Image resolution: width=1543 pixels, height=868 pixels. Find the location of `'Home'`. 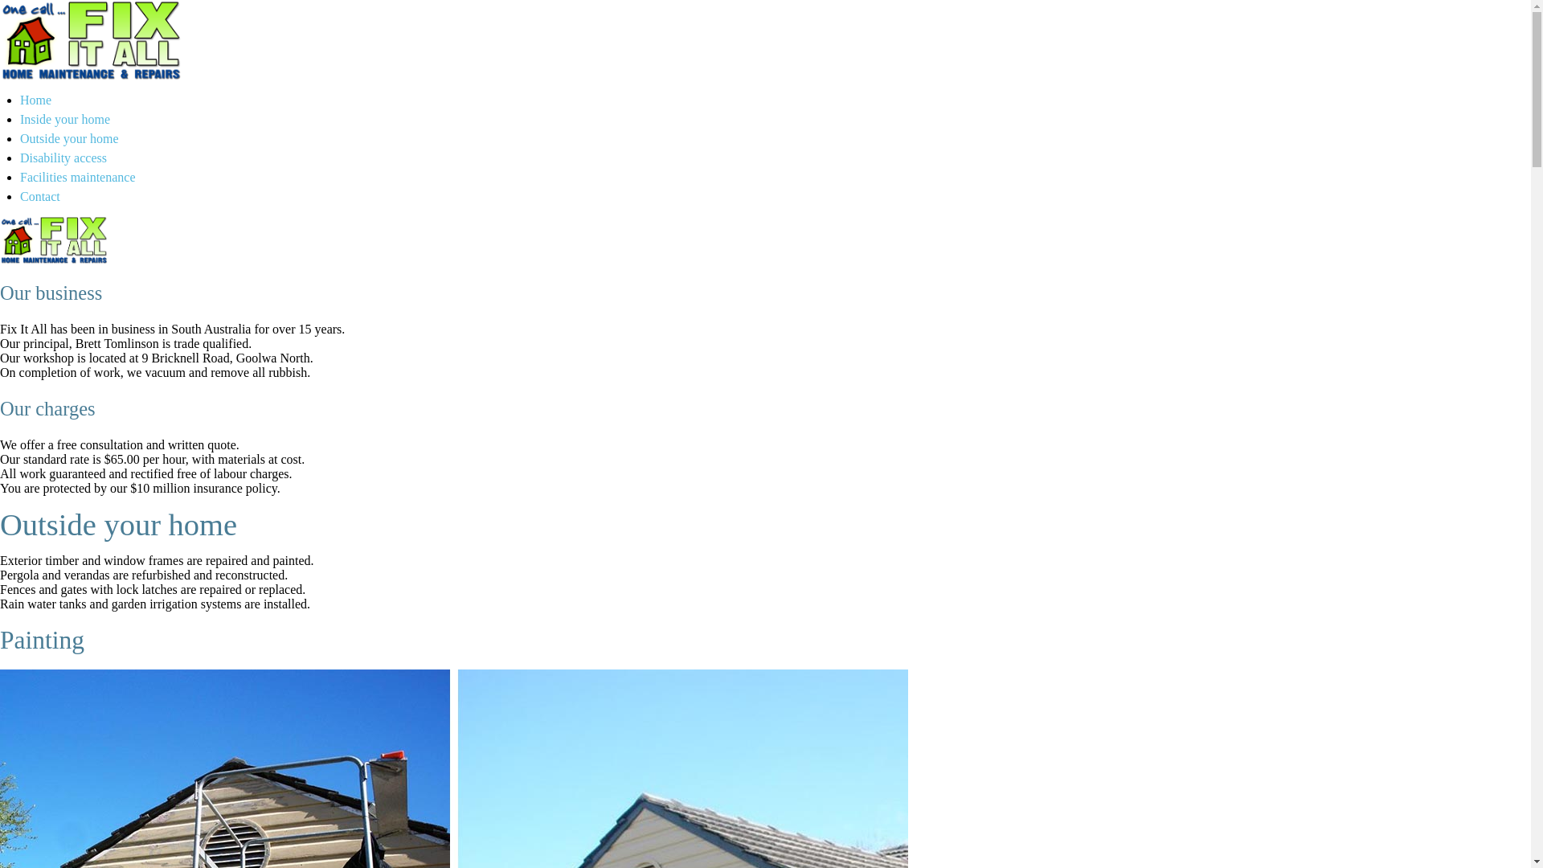

'Home' is located at coordinates (19, 100).